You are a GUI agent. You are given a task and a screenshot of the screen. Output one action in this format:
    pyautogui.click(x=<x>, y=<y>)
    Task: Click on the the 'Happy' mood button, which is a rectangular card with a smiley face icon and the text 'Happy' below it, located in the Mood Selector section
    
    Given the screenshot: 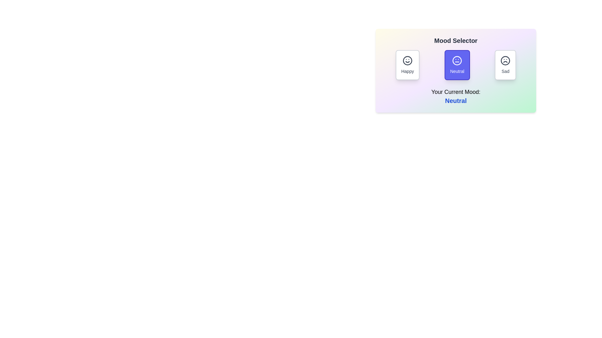 What is the action you would take?
    pyautogui.click(x=408, y=65)
    